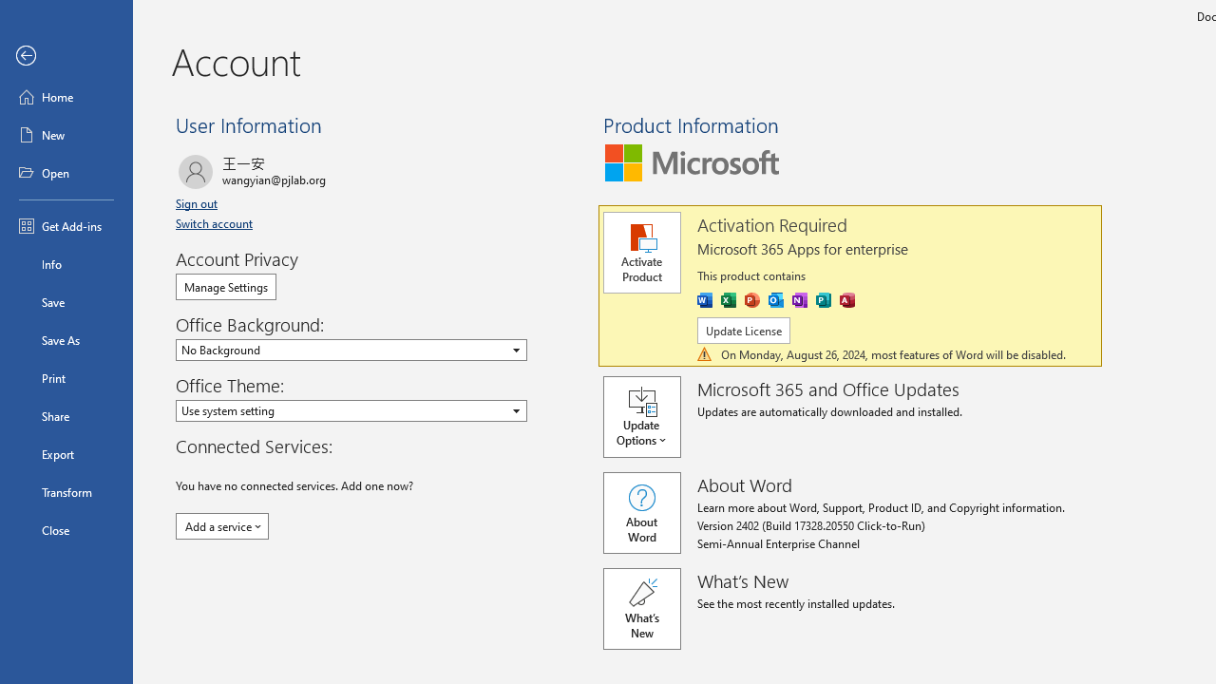  What do you see at coordinates (742, 330) in the screenshot?
I see `'Update License'` at bounding box center [742, 330].